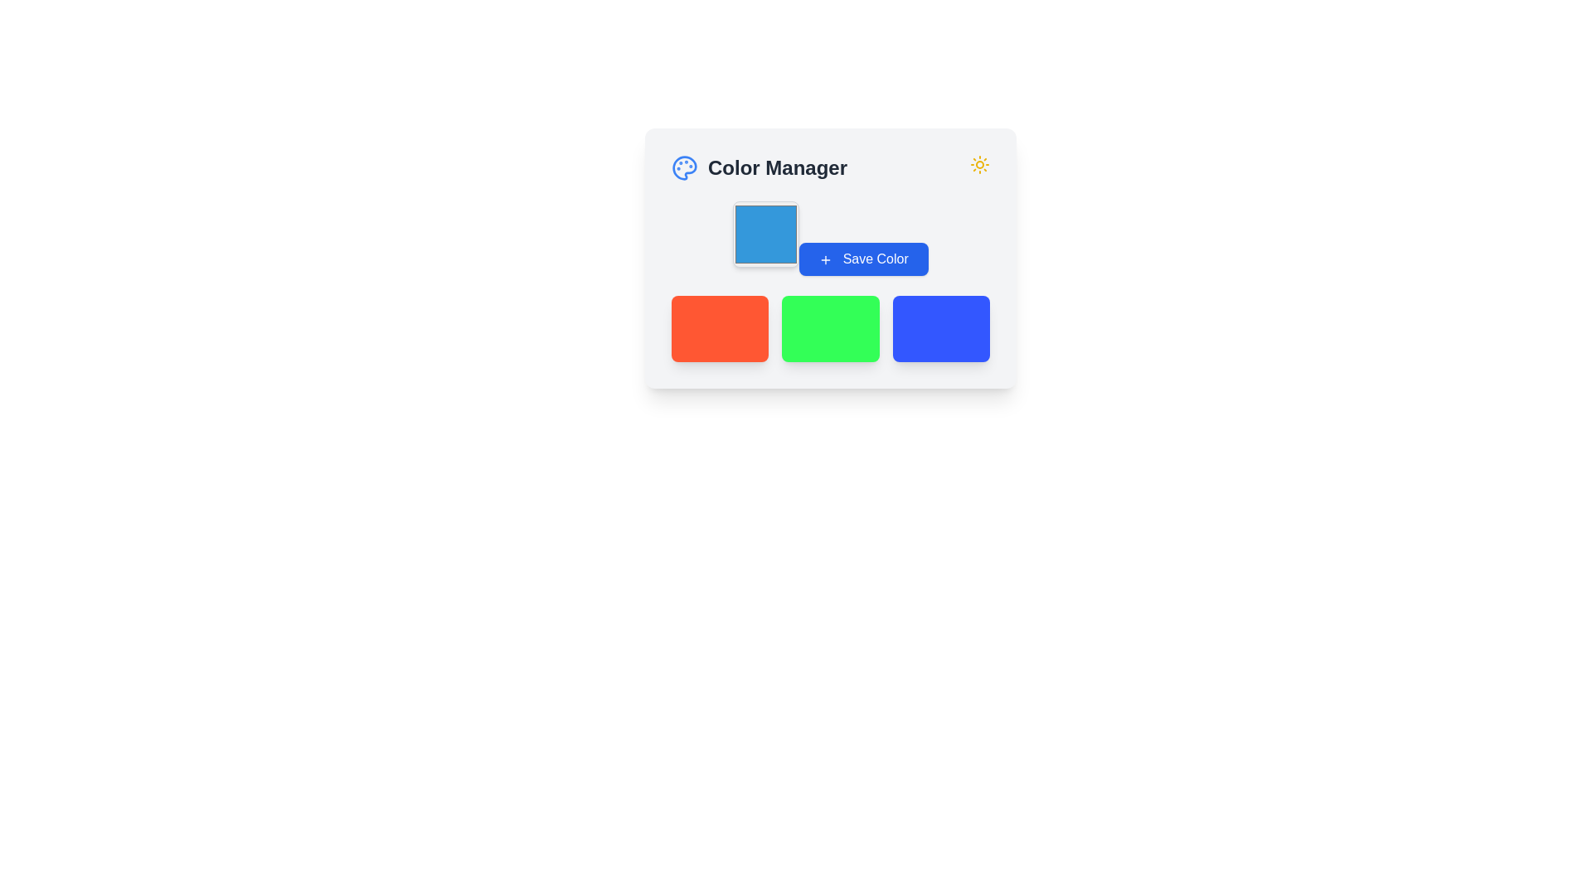 The width and height of the screenshot is (1592, 895). What do you see at coordinates (831, 329) in the screenshot?
I see `the rectangular grid layout containing three blocks with red, green, and blue backgrounds, specifically highlighting the grid in the Color Manager panel` at bounding box center [831, 329].